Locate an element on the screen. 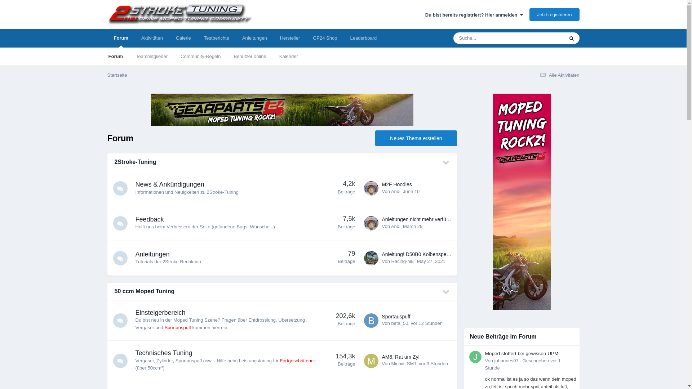  'AM6, Rat um Zyl' is located at coordinates (400, 357).